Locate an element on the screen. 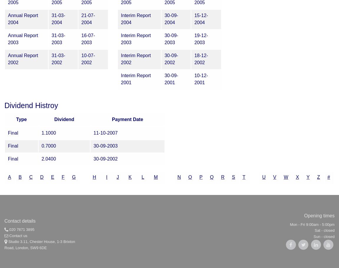 This screenshot has width=339, height=268. 'Studio 3.11, Chester House, 1-3 Brixton Road, London, SW9 6DE' is located at coordinates (39, 244).